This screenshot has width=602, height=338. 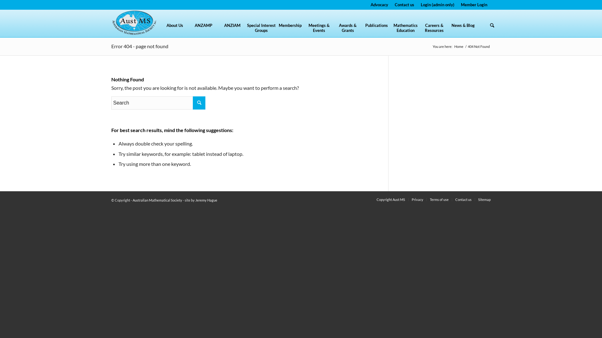 I want to click on 'Awards & Grants', so click(x=347, y=30).